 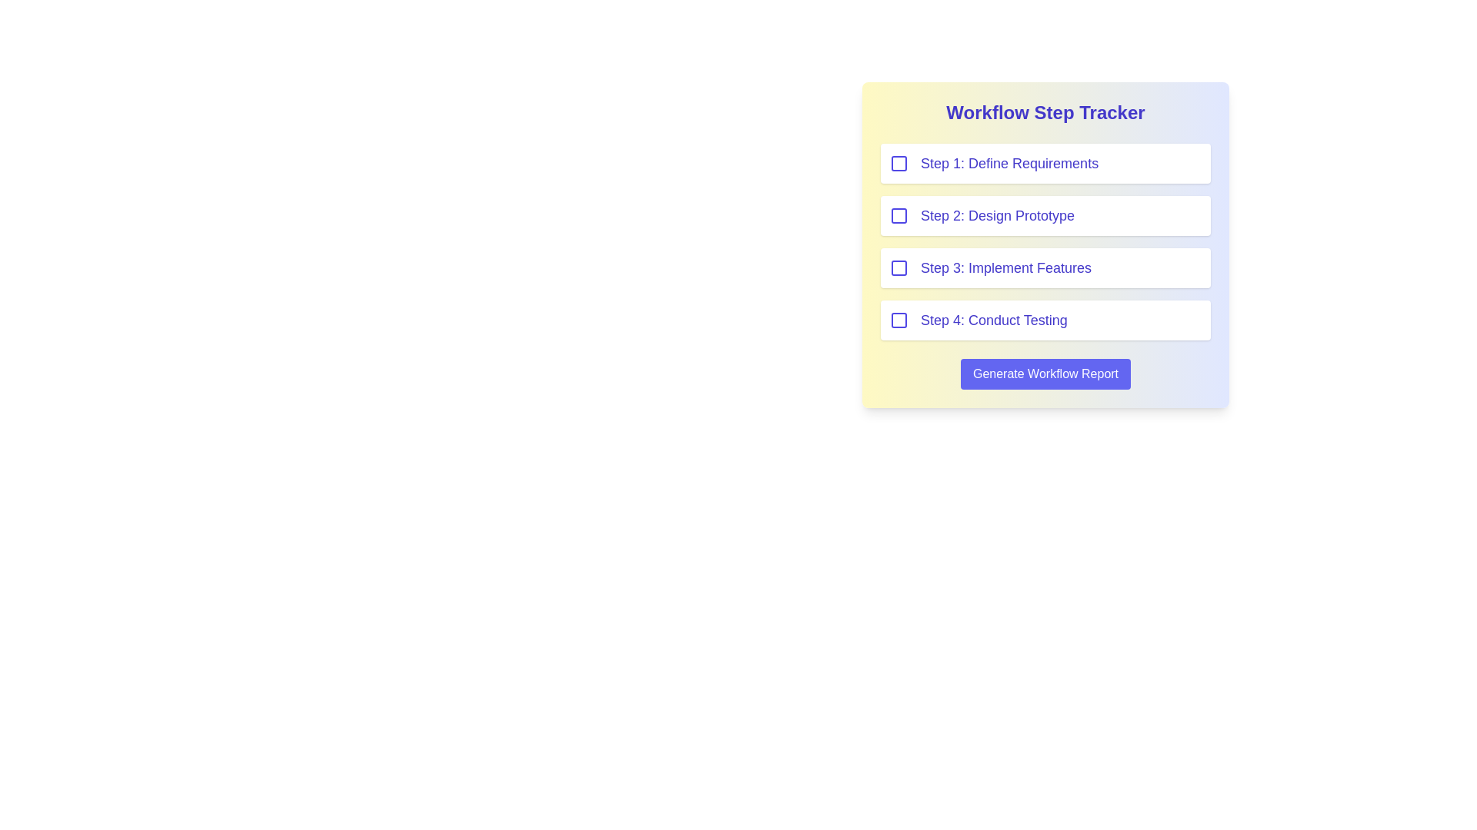 What do you see at coordinates (899, 163) in the screenshot?
I see `the checkbox with a thick indigo border and a white background located to the left of the label 'Step 1: Define Requirements'` at bounding box center [899, 163].